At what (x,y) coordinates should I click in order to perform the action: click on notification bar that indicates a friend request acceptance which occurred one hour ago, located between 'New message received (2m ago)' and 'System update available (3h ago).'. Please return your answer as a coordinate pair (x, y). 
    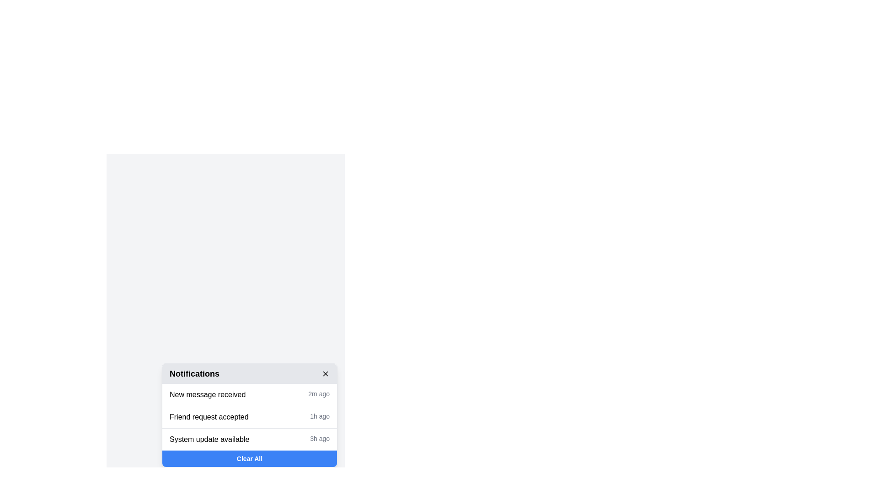
    Looking at the image, I should click on (250, 417).